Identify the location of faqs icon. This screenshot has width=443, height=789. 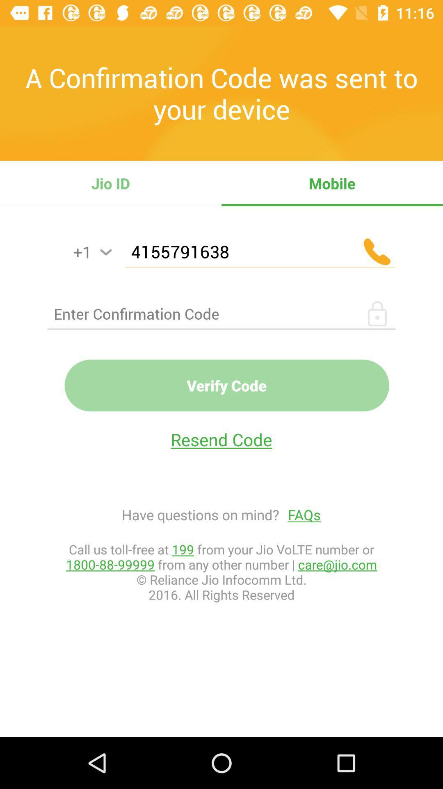
(300, 514).